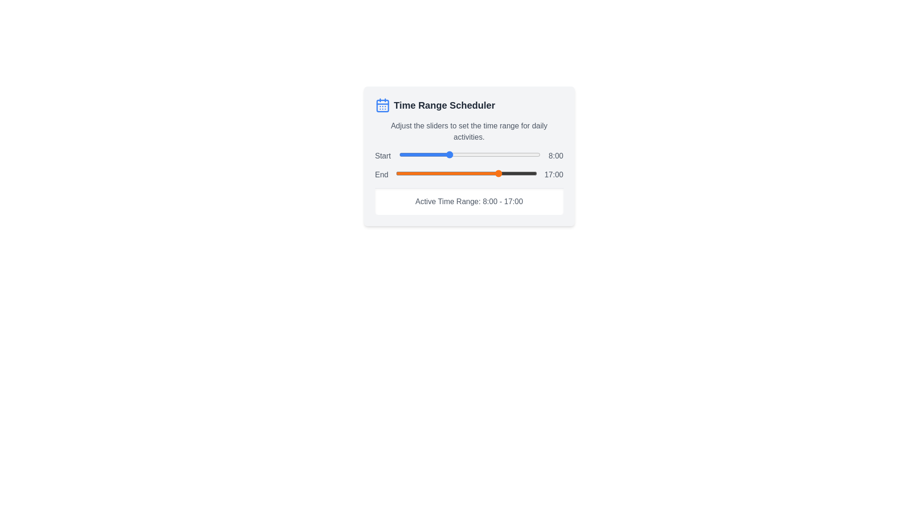 The height and width of the screenshot is (508, 904). Describe the element at coordinates (442, 154) in the screenshot. I see `the start time slider to 7 hours` at that location.